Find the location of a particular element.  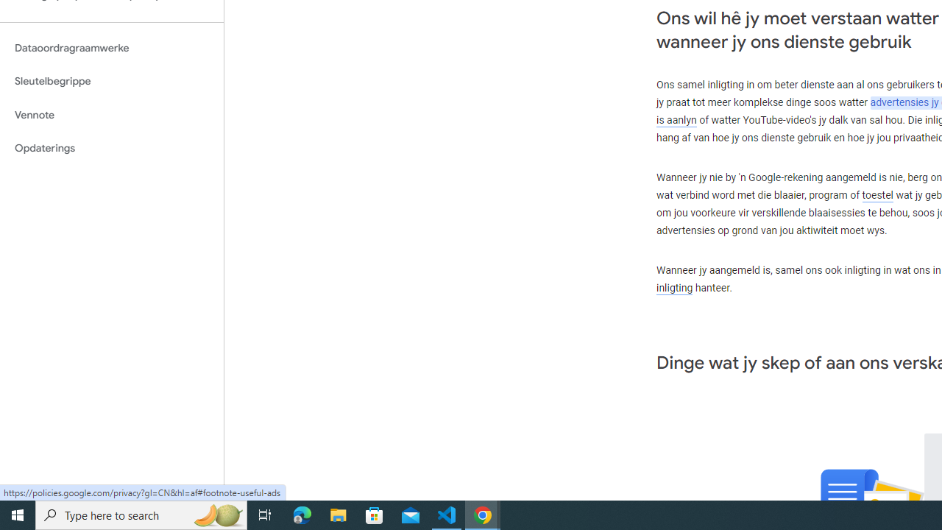

'Dataoordragraamwerke' is located at coordinates (111, 47).